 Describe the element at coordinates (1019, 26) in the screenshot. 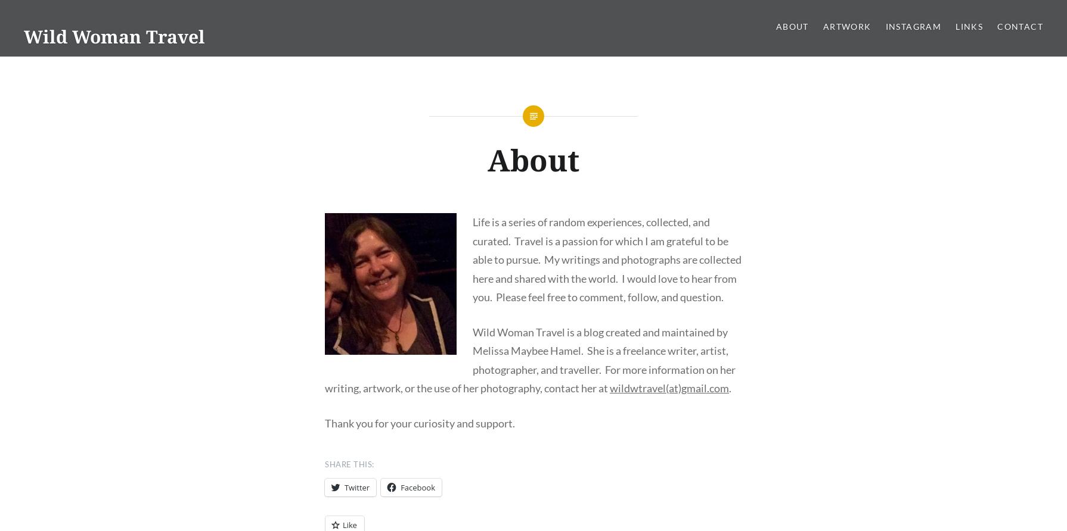

I see `'Contact'` at that location.